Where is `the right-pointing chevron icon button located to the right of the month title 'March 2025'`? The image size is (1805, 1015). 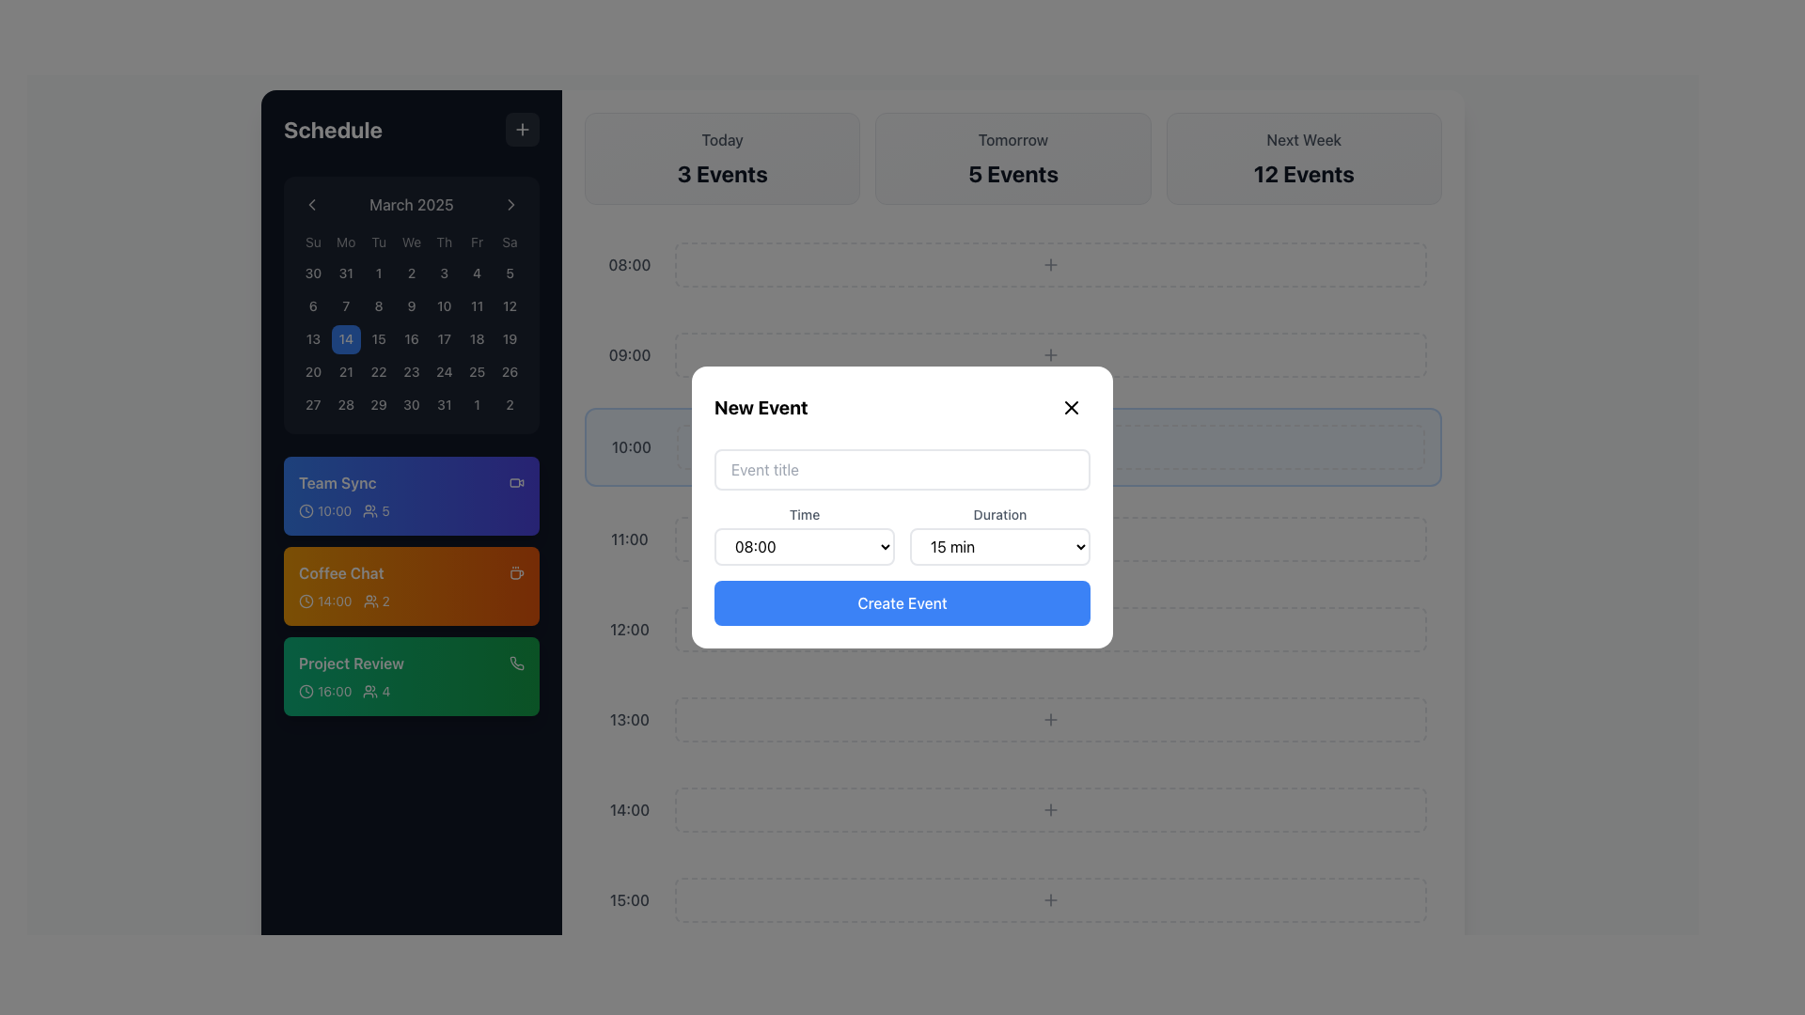
the right-pointing chevron icon button located to the right of the month title 'March 2025' is located at coordinates (510, 205).